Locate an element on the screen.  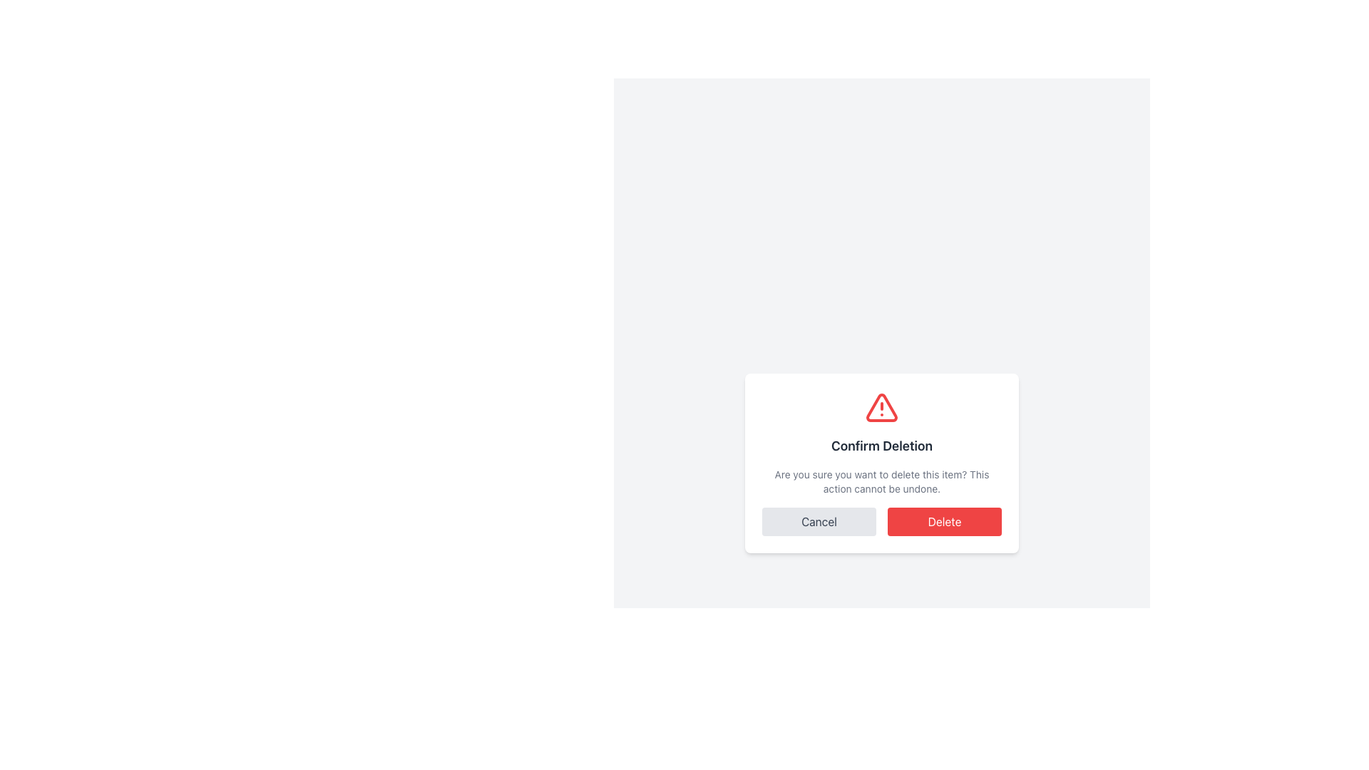
the Warning Icon located at the top of the confirmation modal, centered above the 'Confirm Deletion' title is located at coordinates (881, 407).